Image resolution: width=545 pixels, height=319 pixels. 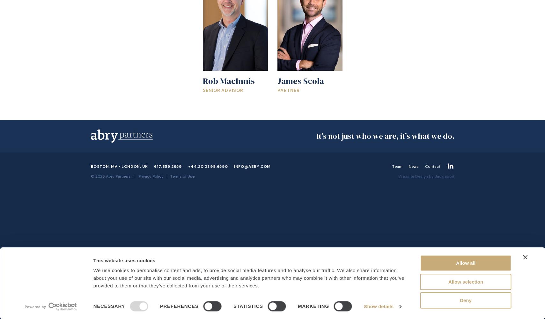 What do you see at coordinates (150, 176) in the screenshot?
I see `'Privacy Policy'` at bounding box center [150, 176].